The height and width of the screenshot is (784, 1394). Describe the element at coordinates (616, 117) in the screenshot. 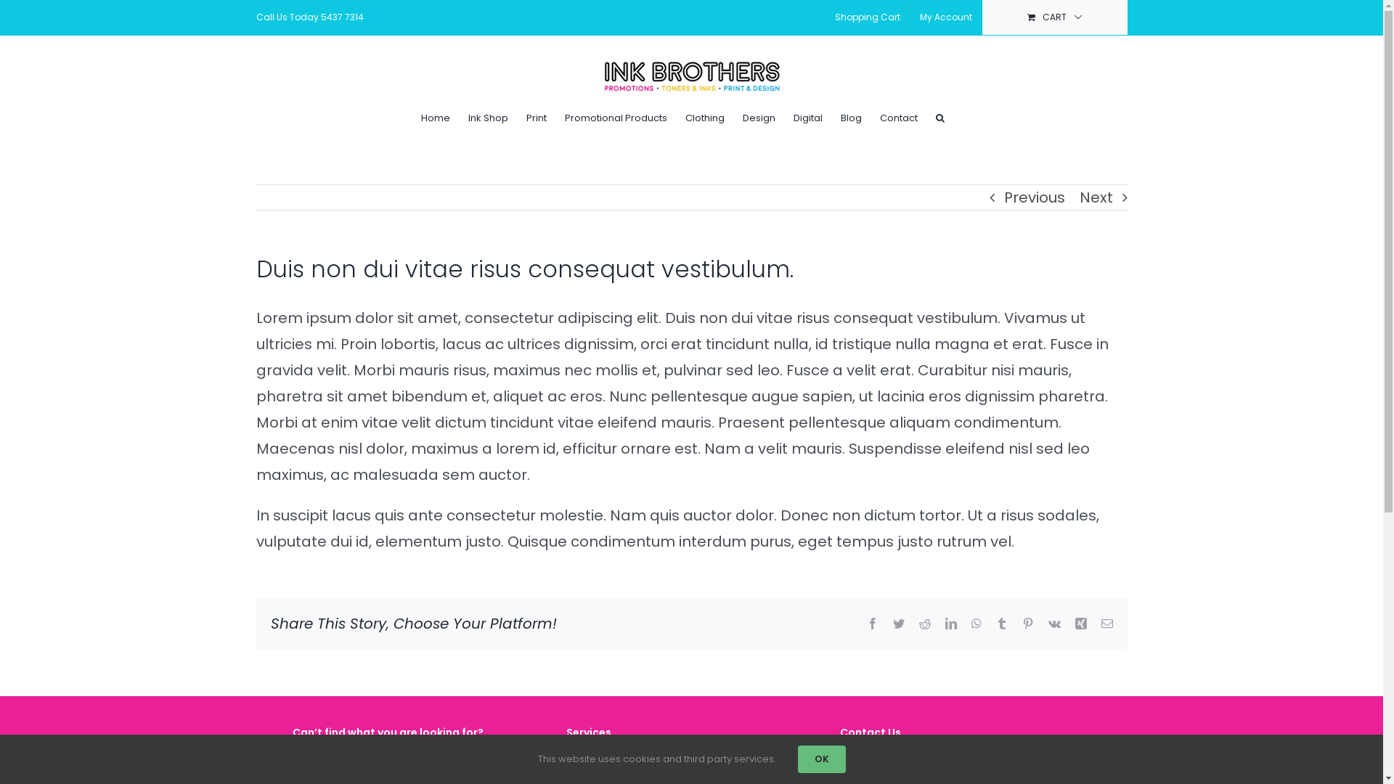

I see `'Promotional Products'` at that location.